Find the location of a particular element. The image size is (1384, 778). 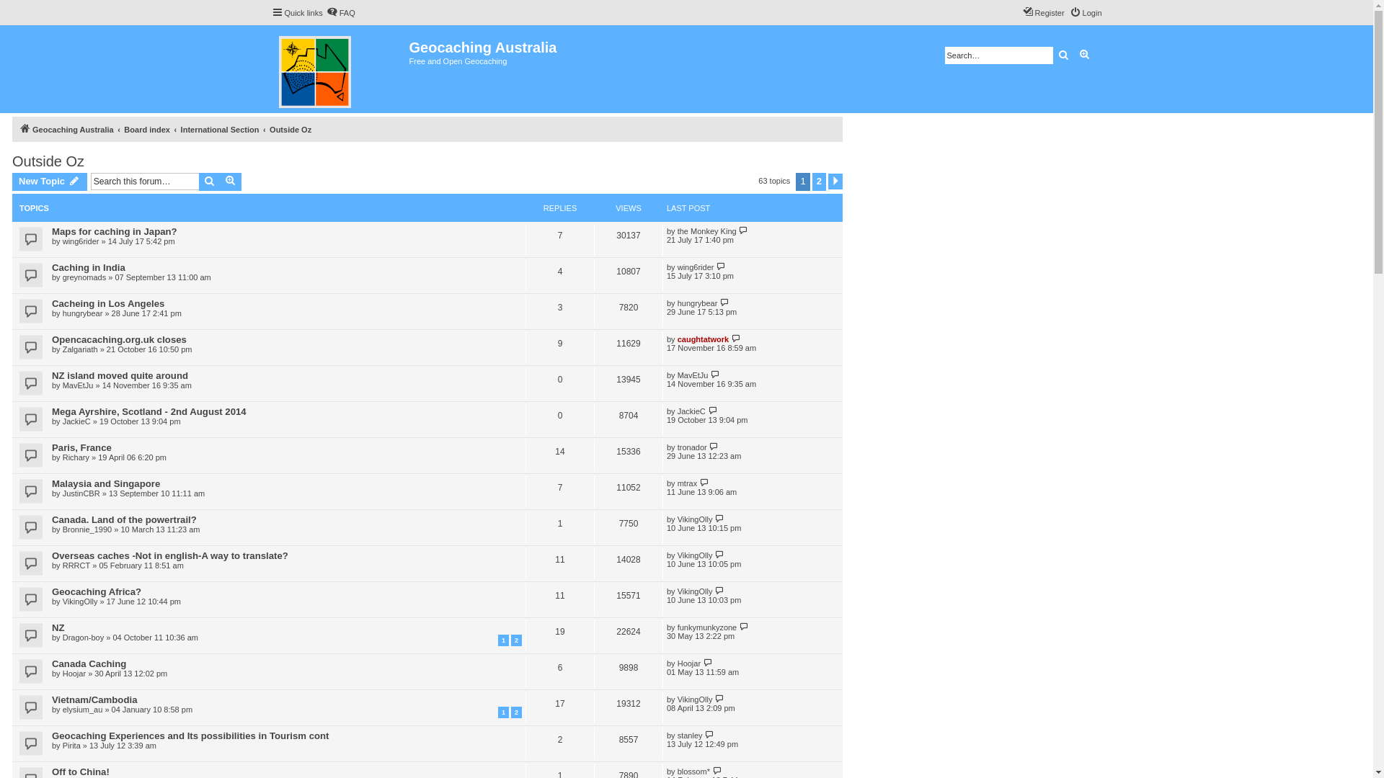

'Login' is located at coordinates (1086, 13).